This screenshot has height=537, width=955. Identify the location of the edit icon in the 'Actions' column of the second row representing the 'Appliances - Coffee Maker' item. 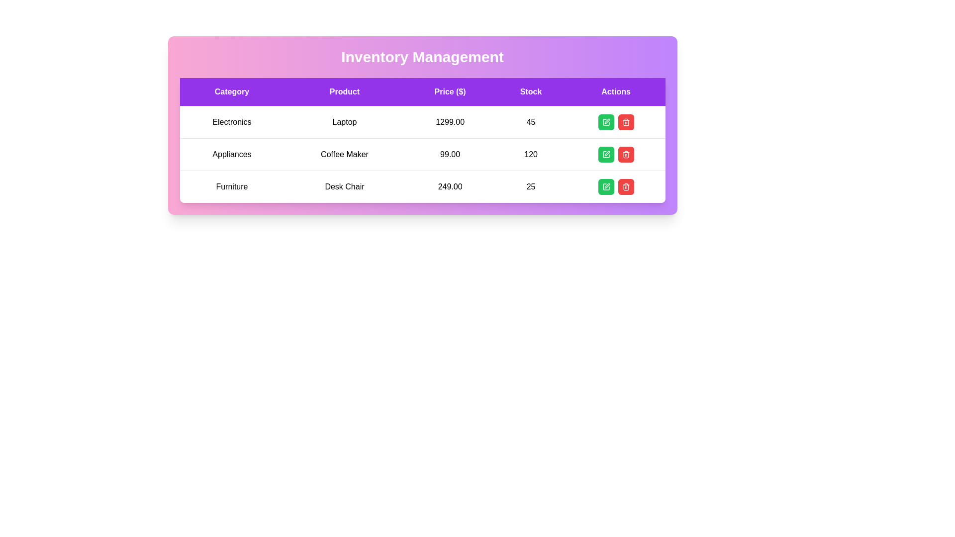
(606, 153).